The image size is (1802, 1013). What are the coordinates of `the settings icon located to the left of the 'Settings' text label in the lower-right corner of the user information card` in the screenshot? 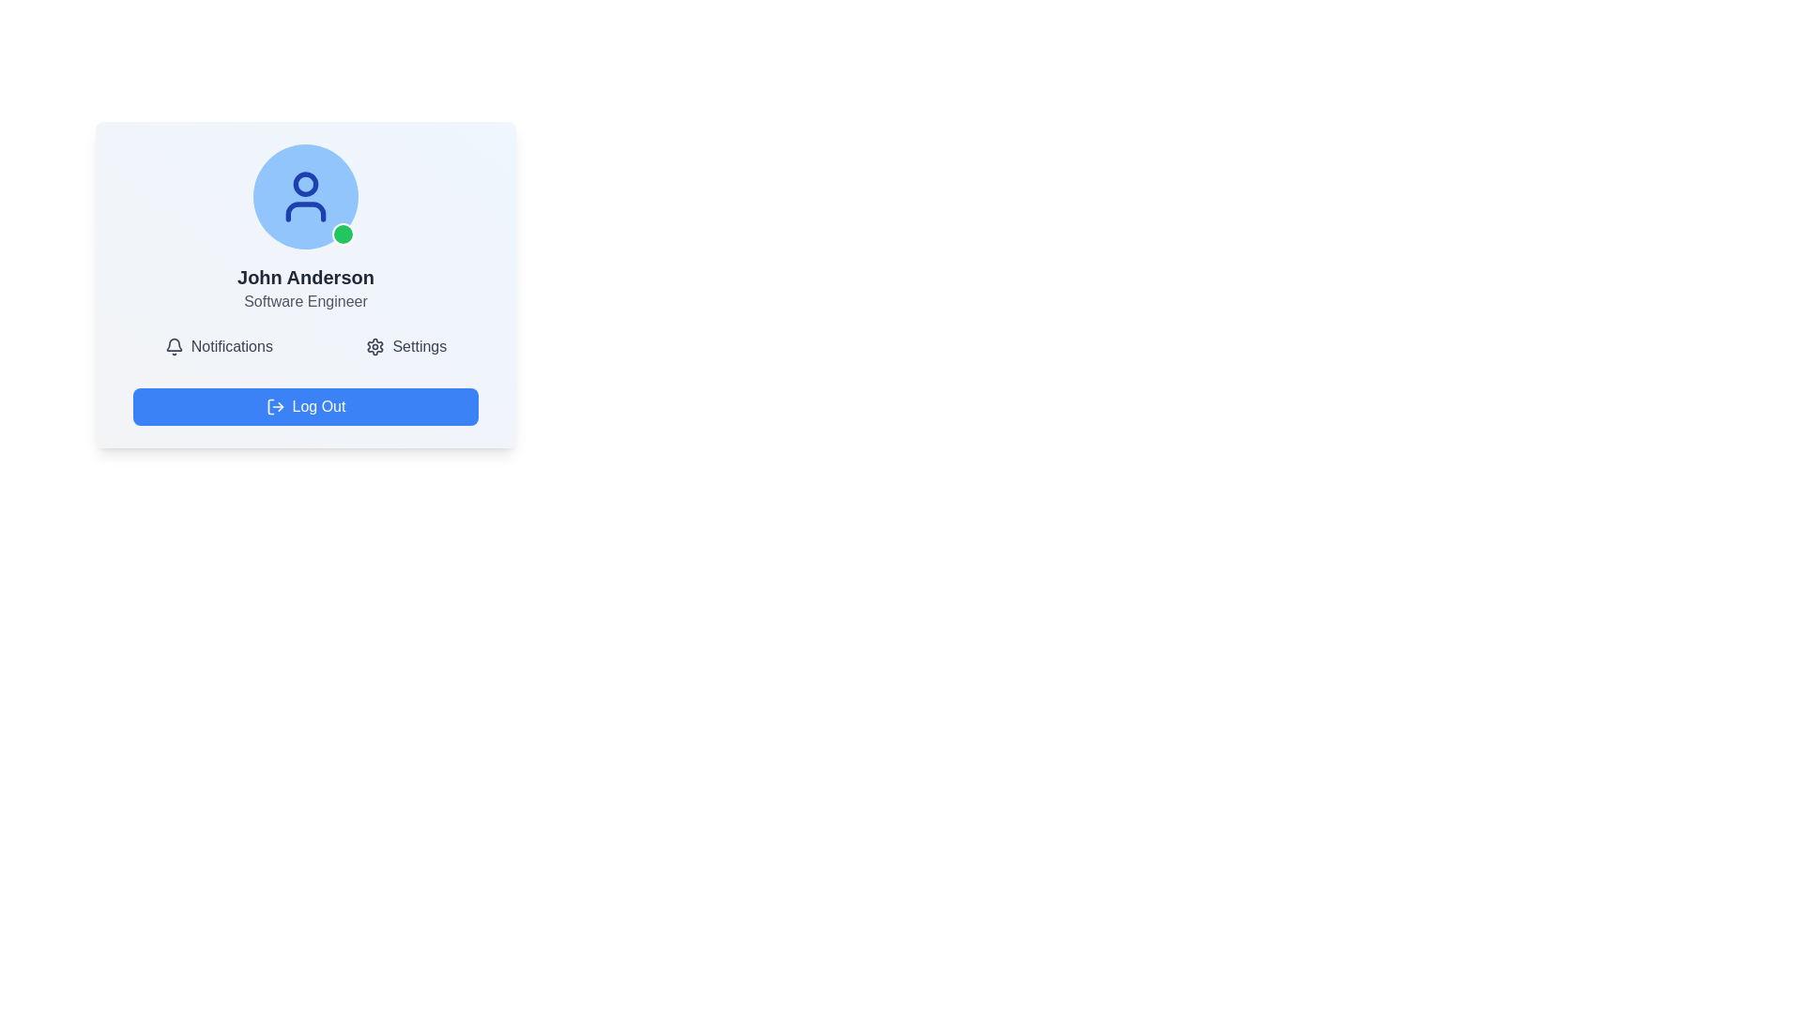 It's located at (375, 347).